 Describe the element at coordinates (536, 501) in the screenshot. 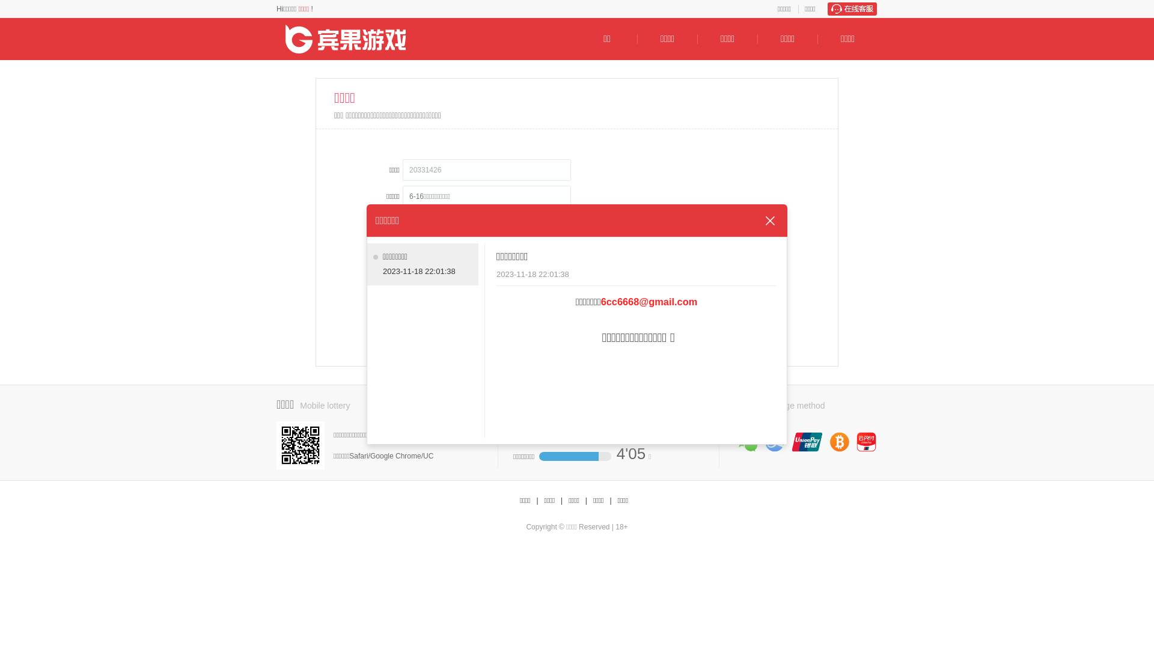

I see `'|'` at that location.